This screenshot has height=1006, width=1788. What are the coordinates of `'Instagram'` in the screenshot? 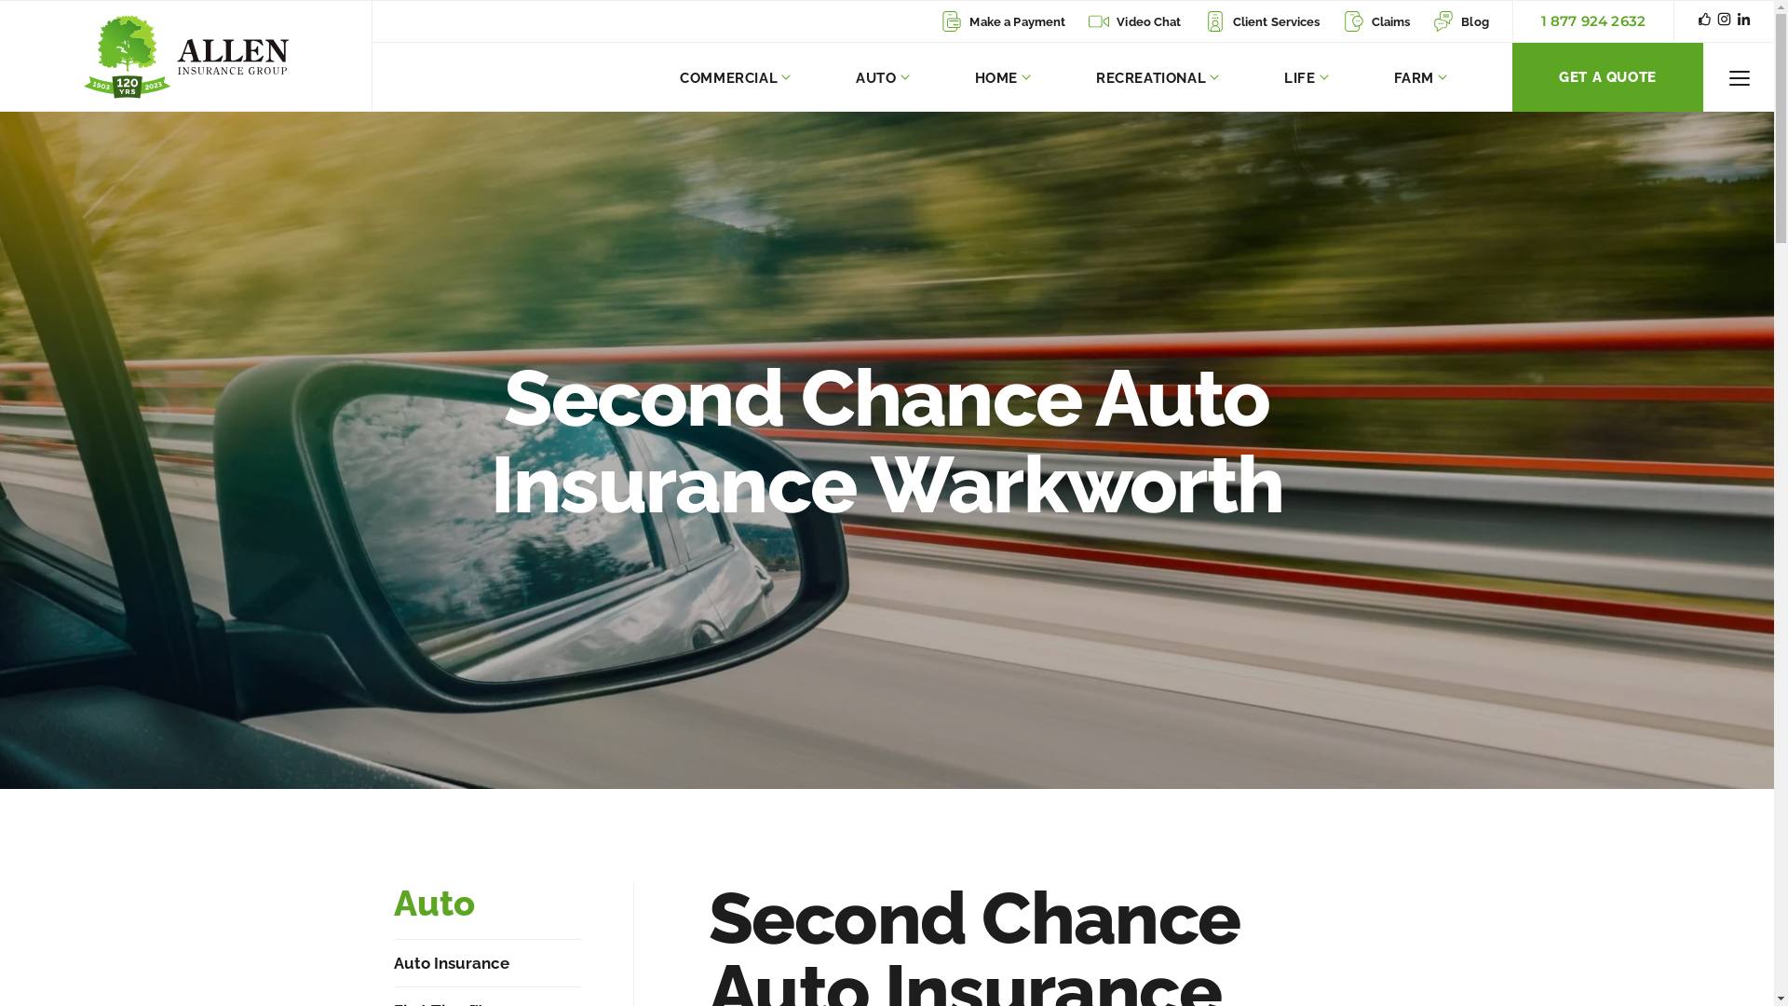 It's located at (1723, 20).